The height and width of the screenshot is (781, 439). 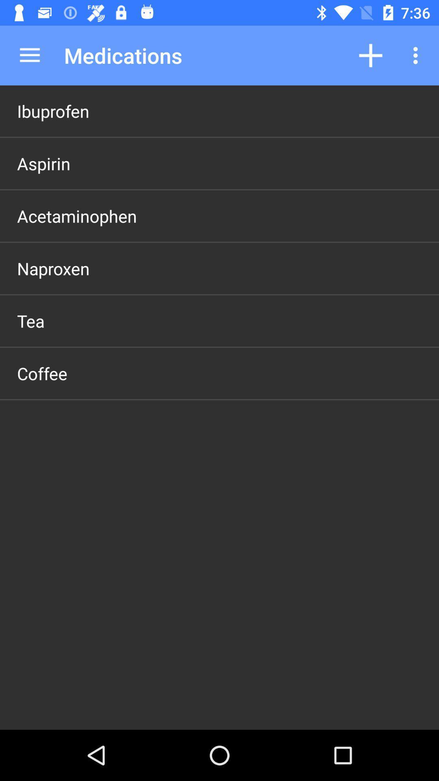 I want to click on app next to medications item, so click(x=370, y=55).